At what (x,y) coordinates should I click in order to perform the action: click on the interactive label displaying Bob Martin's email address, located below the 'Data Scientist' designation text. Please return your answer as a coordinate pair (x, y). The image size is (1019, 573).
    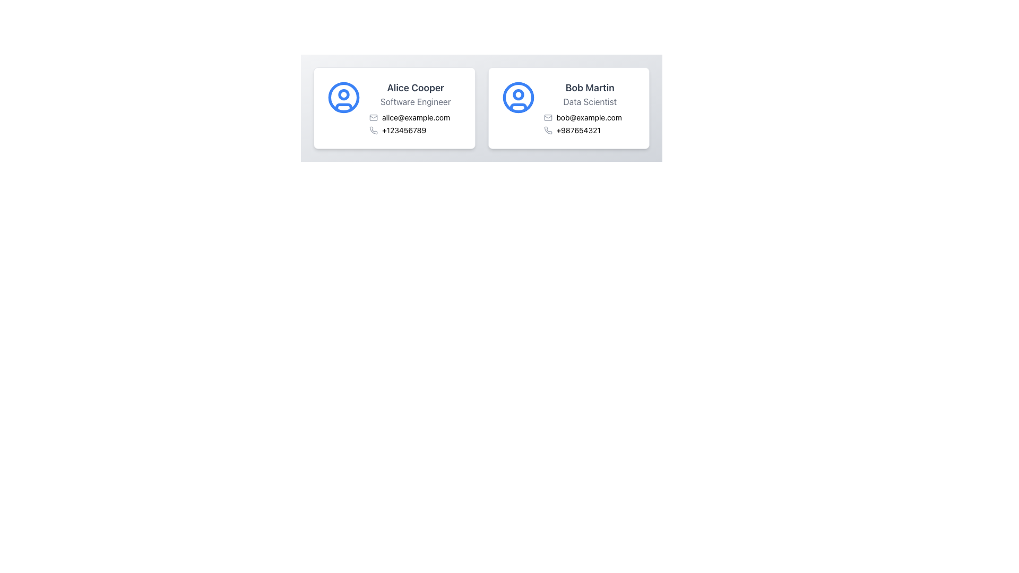
    Looking at the image, I should click on (589, 118).